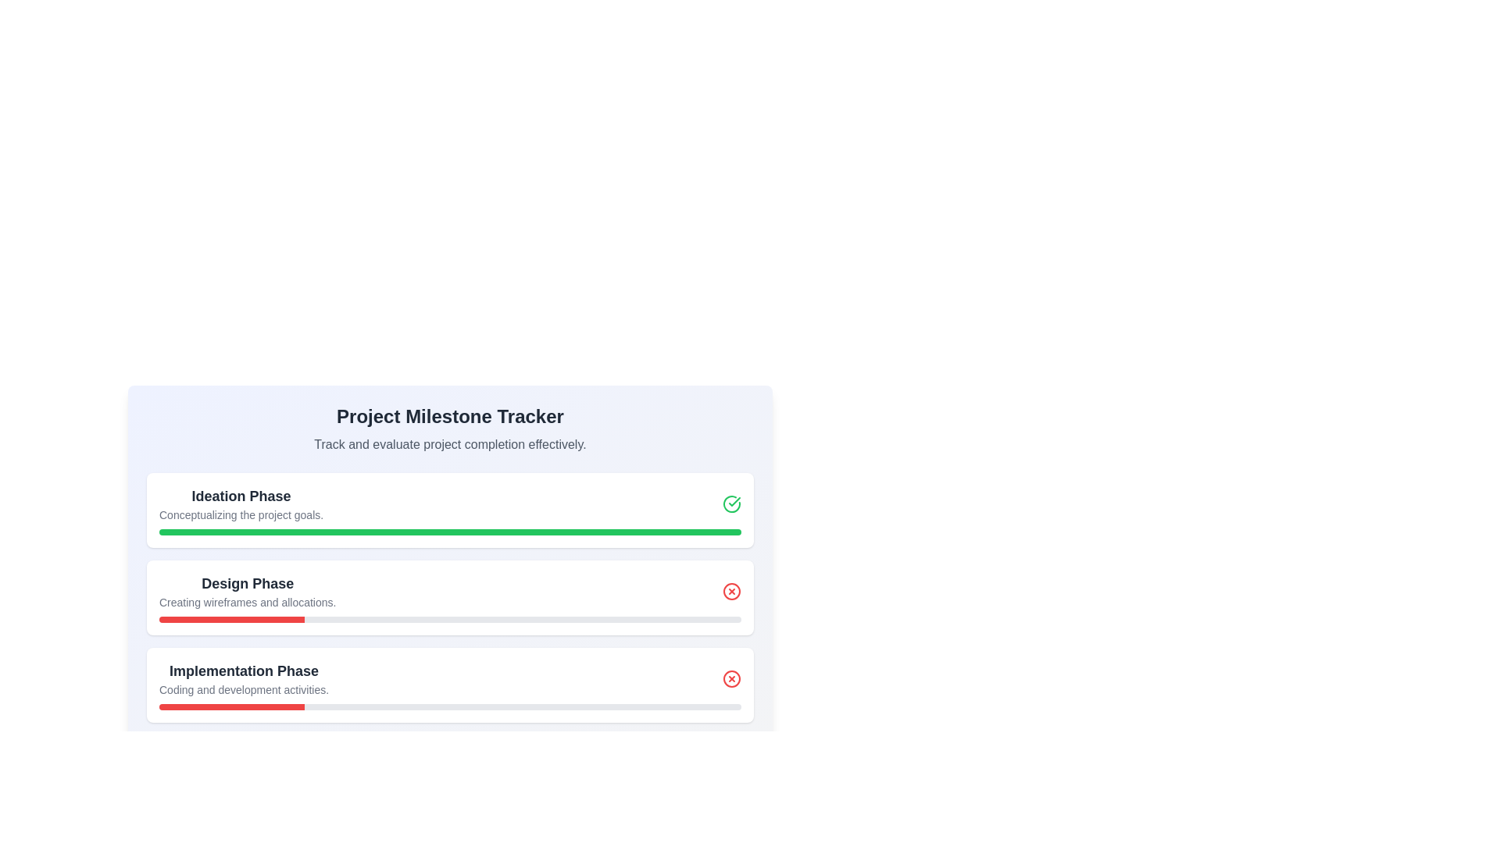 This screenshot has height=843, width=1500. I want to click on the completion icon indicating the successful status of the 'Ideation Phase' stage in the milestone tracker, located on the right end of the section with the title 'Ideation Phase', so click(730, 503).